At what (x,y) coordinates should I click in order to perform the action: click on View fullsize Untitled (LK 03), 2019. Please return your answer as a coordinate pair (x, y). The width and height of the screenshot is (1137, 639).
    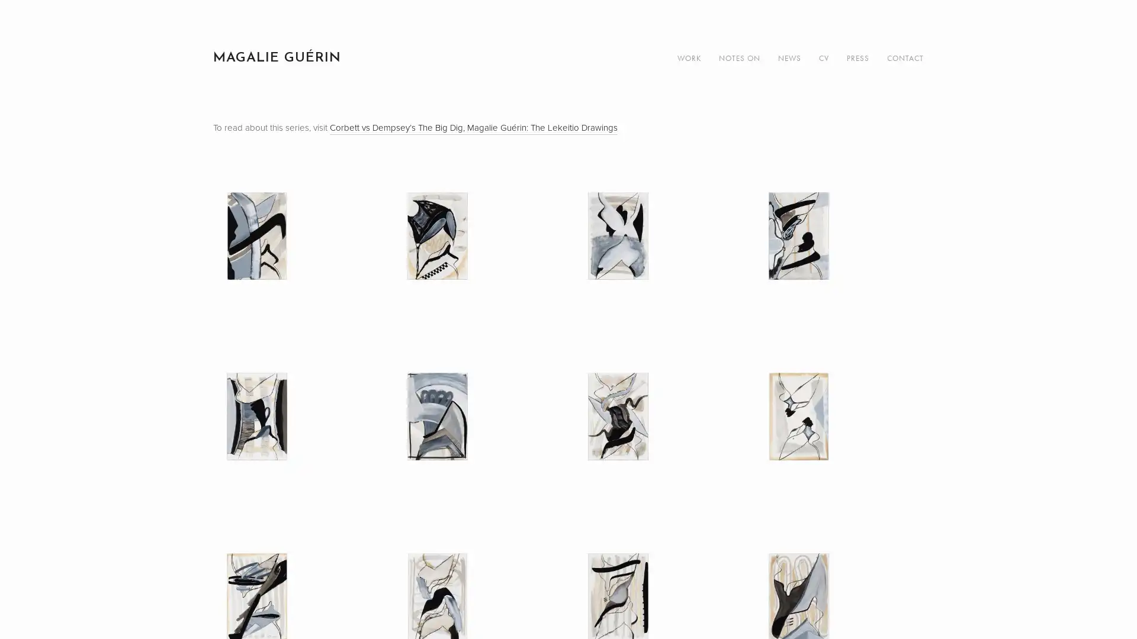
    Looking at the image, I should click on (658, 276).